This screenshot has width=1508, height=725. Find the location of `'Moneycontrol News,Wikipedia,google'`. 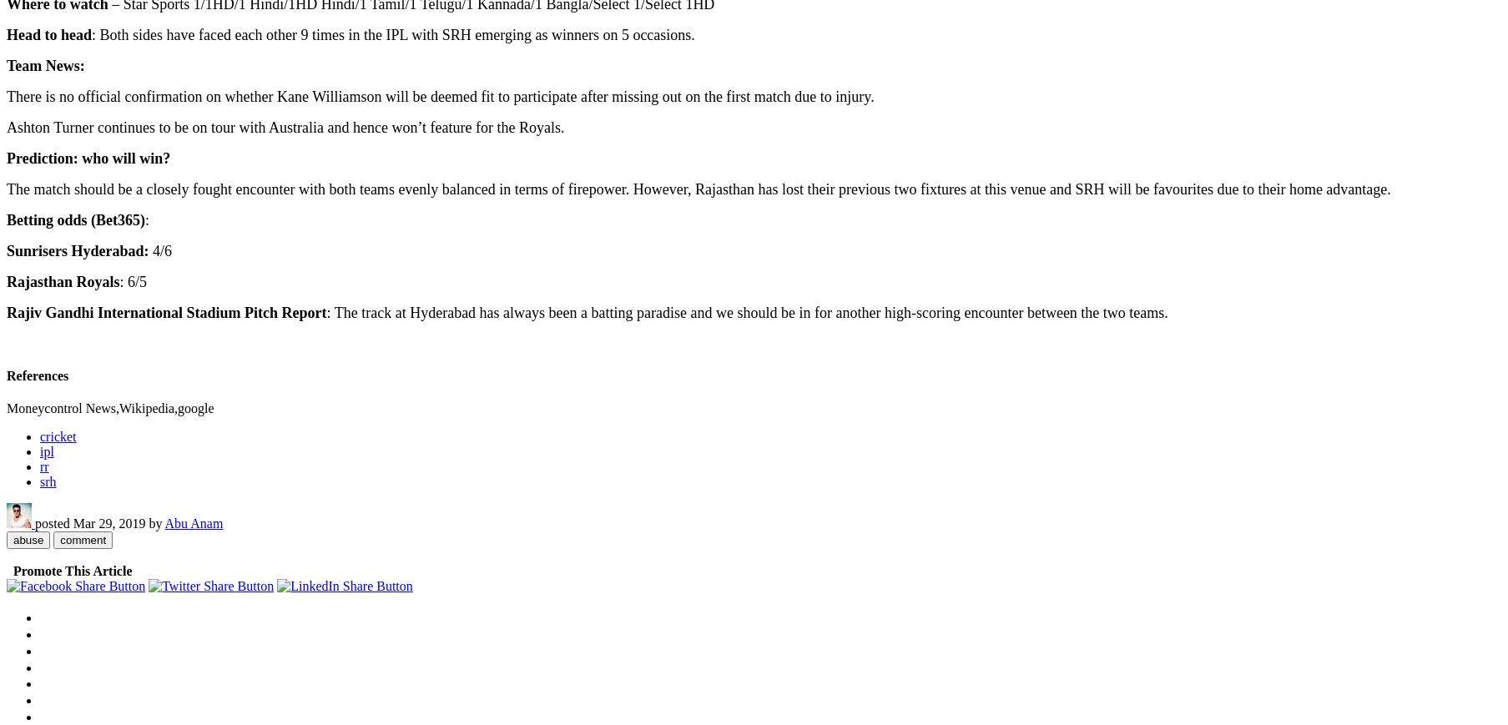

'Moneycontrol News,Wikipedia,google' is located at coordinates (6, 407).